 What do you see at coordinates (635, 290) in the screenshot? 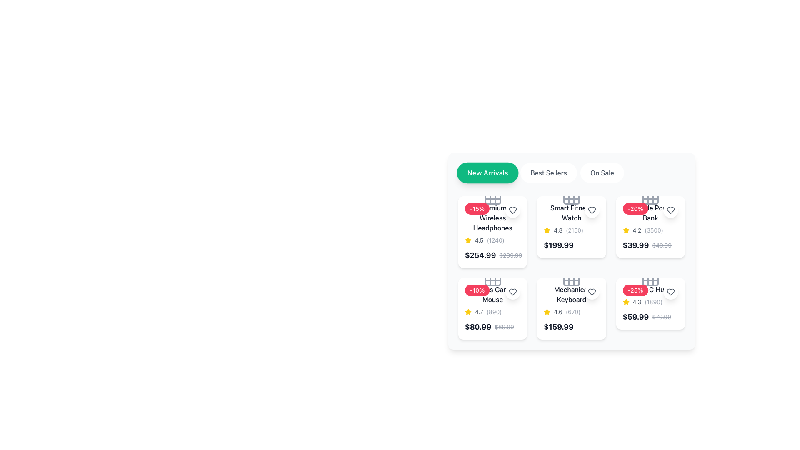
I see `the pill-shaped label with a red background displaying '-25%' in bold white text, which is located in the top-left corner of the product card` at bounding box center [635, 290].